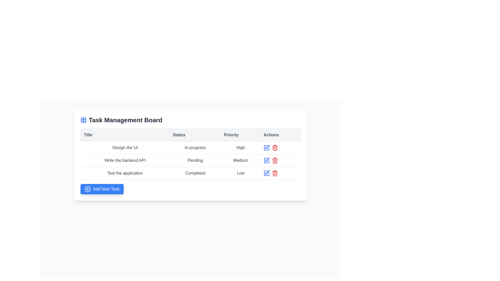 Image resolution: width=500 pixels, height=281 pixels. Describe the element at coordinates (267, 147) in the screenshot. I see `the edit button, which is a pencil icon inside a rounded square located in the 'Actions' column of the task labeled 'Write the backend API'` at that location.